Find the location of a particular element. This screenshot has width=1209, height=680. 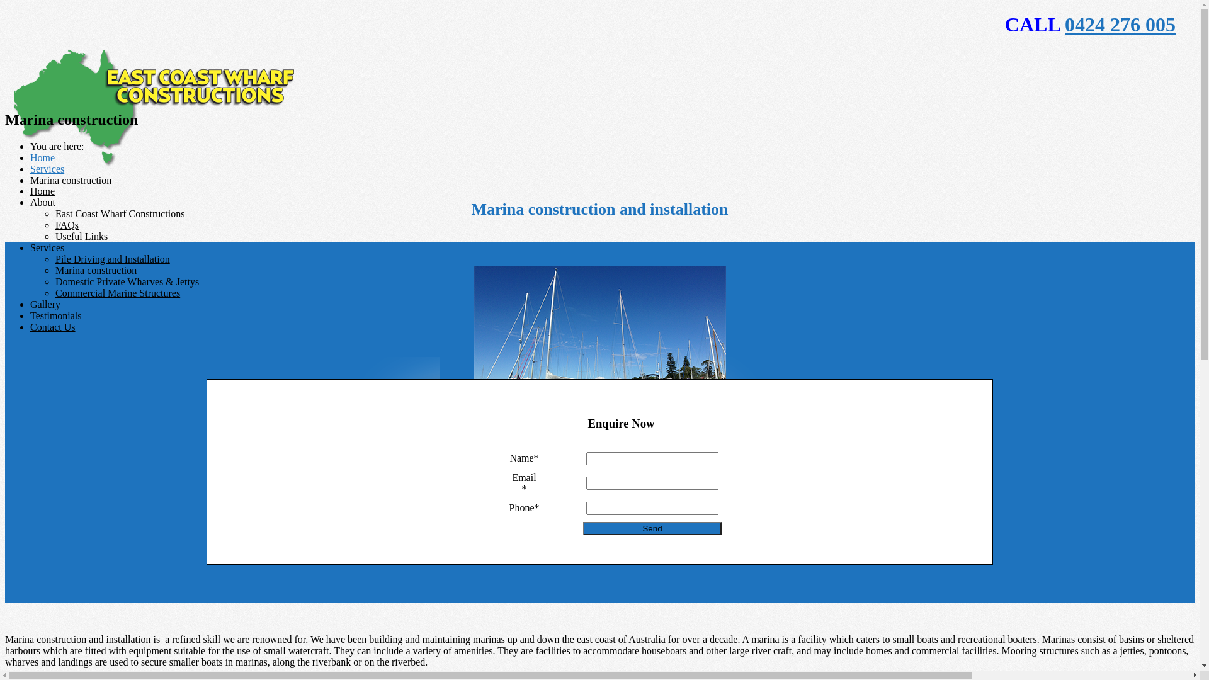

'Commercial Marine Structures' is located at coordinates (118, 293).